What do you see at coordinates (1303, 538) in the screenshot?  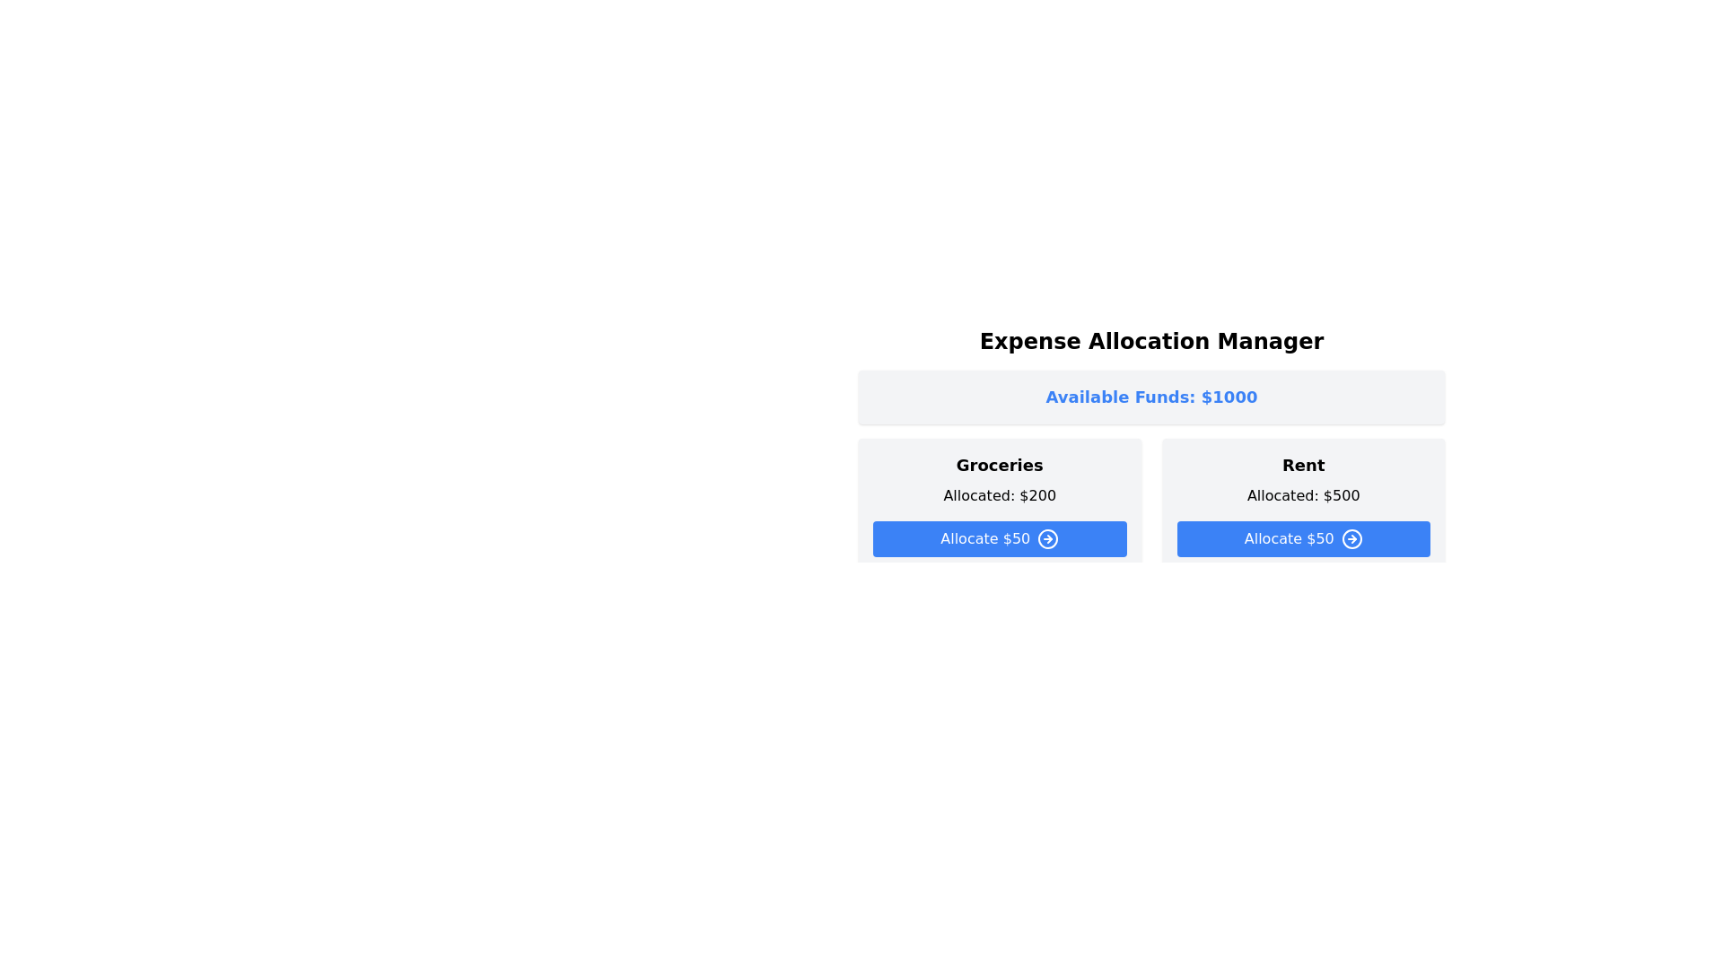 I see `the button labeled 'Allocate $50', which is a rectangular button with a blue background and white text` at bounding box center [1303, 538].